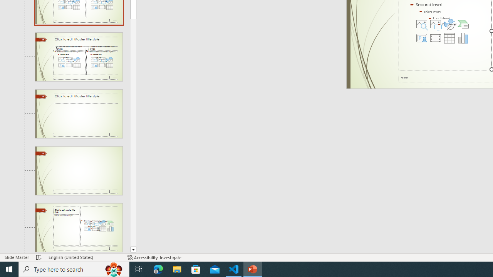  I want to click on 'Insert Cameo', so click(421, 38).